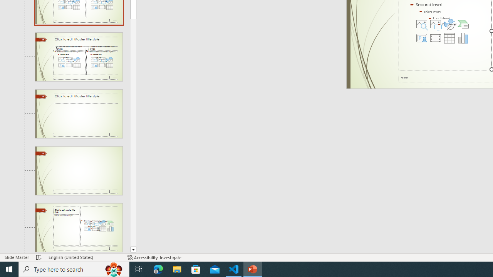  I want to click on 'Insert Cameo', so click(421, 38).